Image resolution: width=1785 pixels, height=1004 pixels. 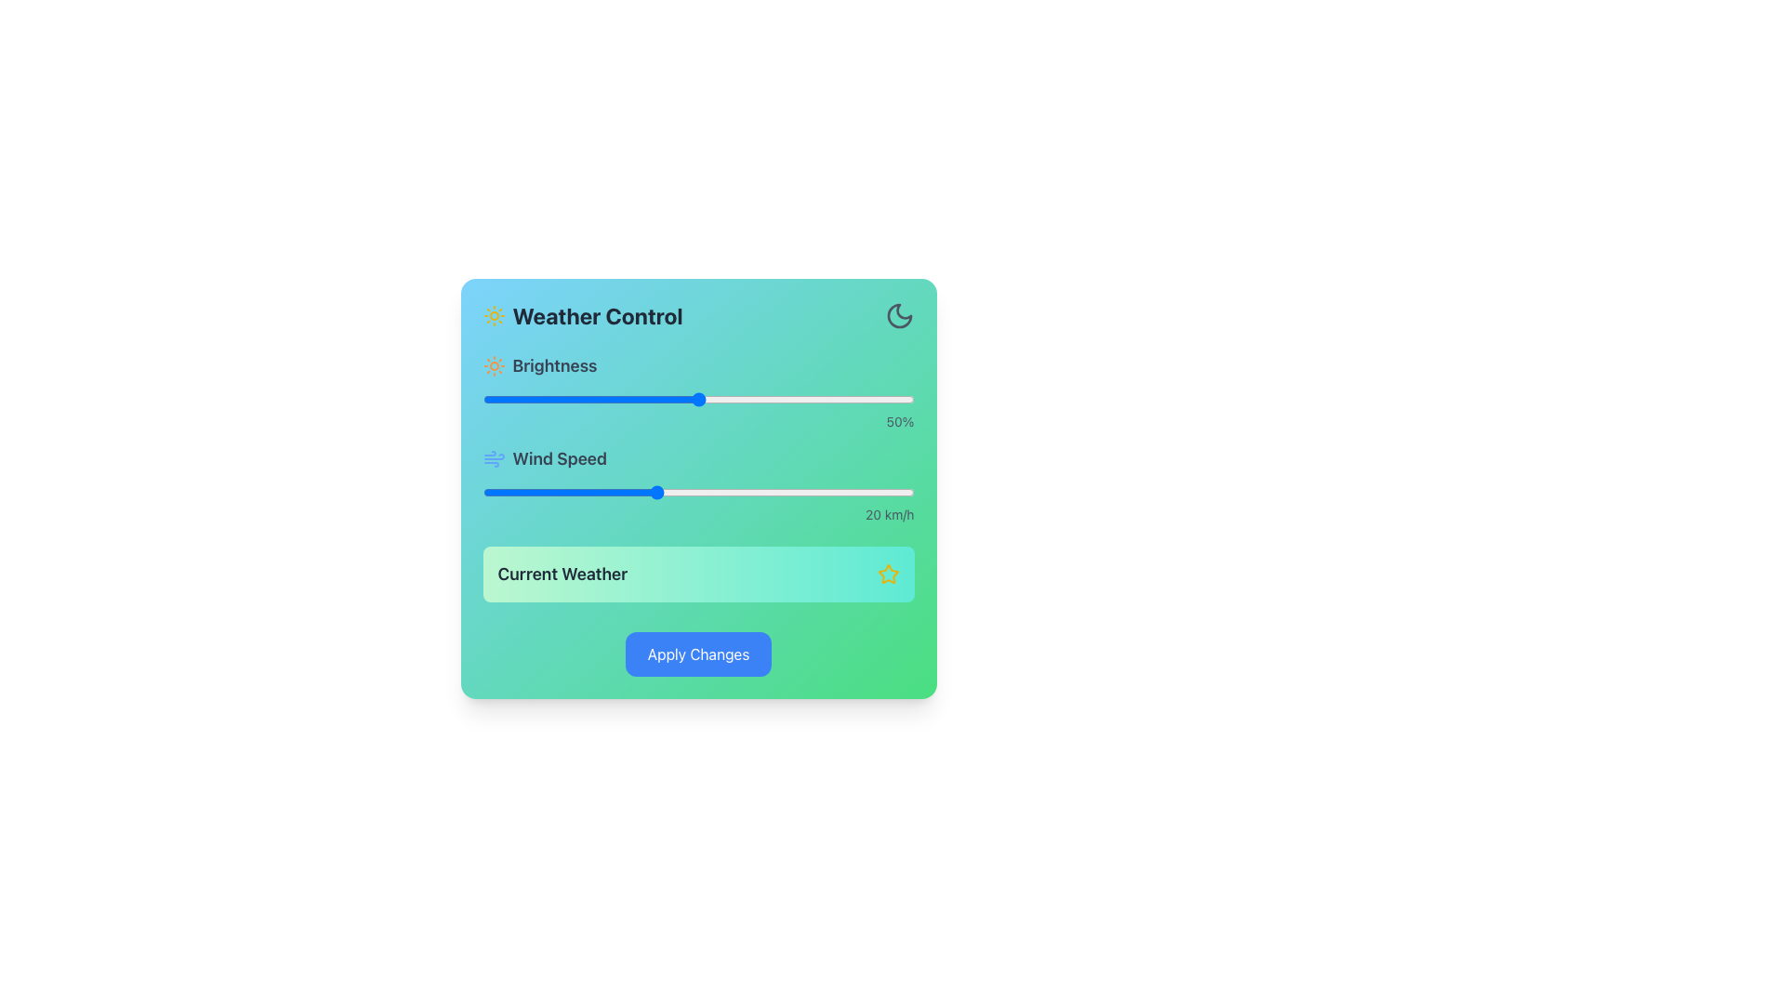 What do you see at coordinates (697, 491) in the screenshot?
I see `the blue thumb of the horizontal slider labeled 'Wind Speed'` at bounding box center [697, 491].